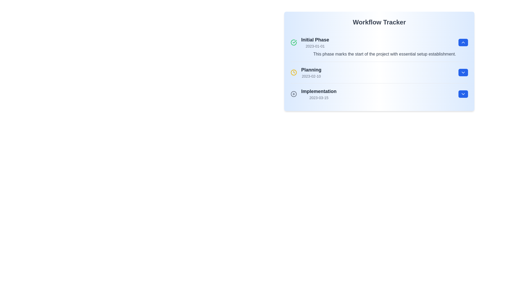  What do you see at coordinates (379, 73) in the screenshot?
I see `the workflow step labeled 'Planning' that has a date indicator of '2023-02-10', which is positioned as the second item in the list of workflow stages, by clicking on its associated icons or buttons` at bounding box center [379, 73].